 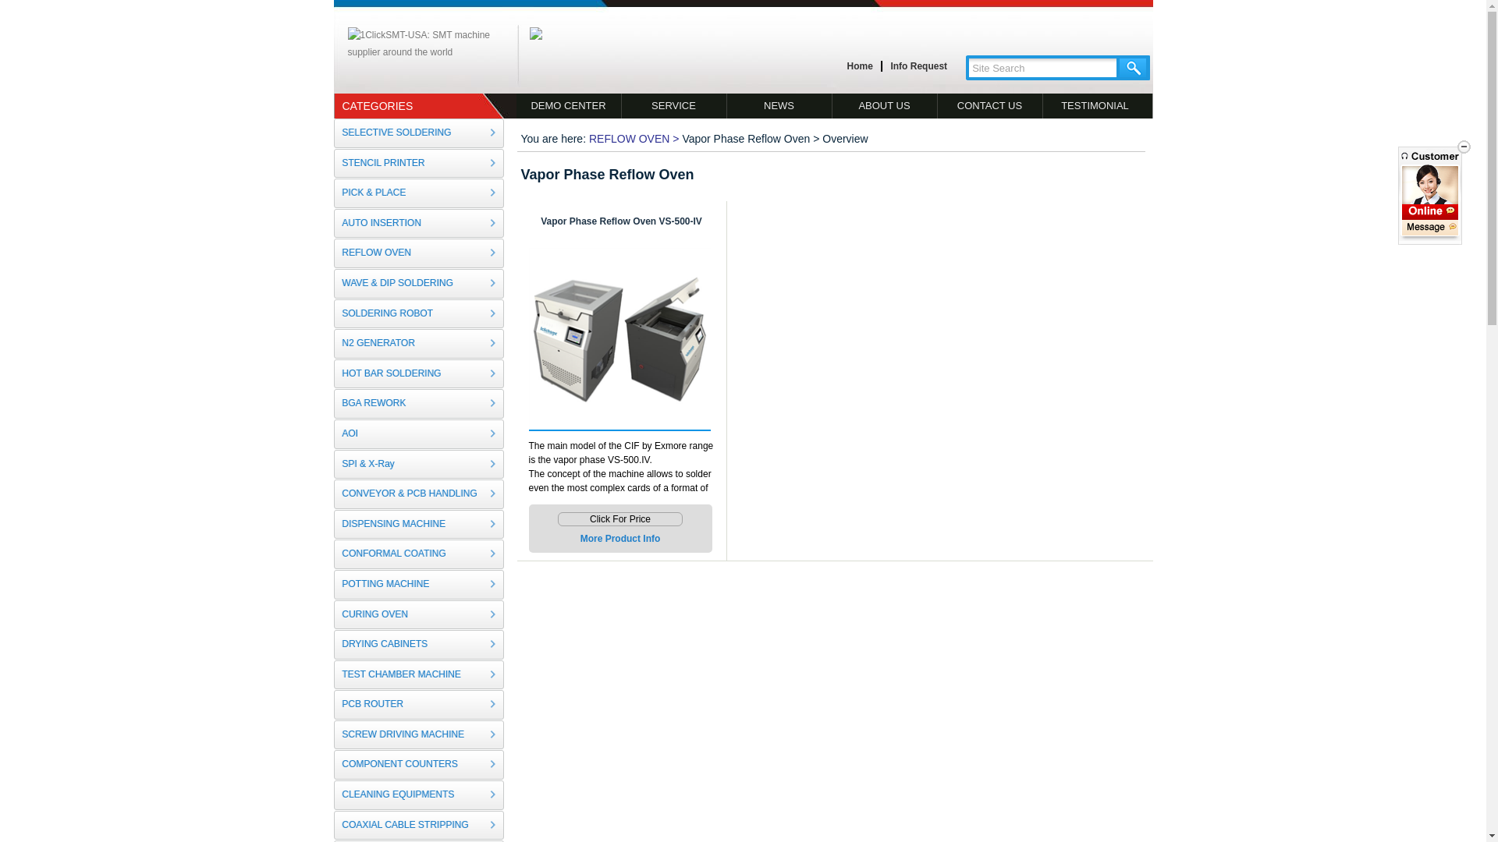 What do you see at coordinates (332, 704) in the screenshot?
I see `'PCB ROUTER'` at bounding box center [332, 704].